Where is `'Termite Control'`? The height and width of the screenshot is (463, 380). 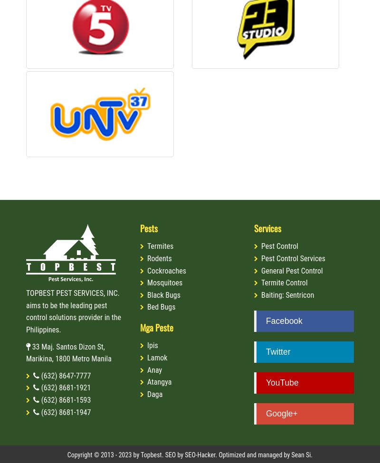 'Termite Control' is located at coordinates (284, 283).